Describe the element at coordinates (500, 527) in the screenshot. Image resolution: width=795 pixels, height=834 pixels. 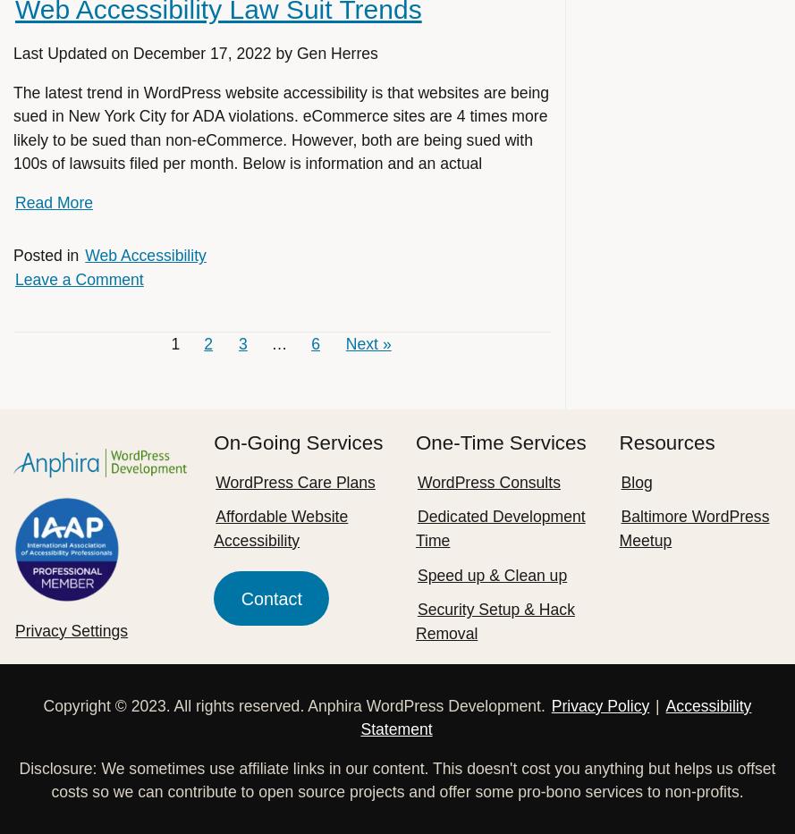
I see `'Dedicated Development Time'` at that location.